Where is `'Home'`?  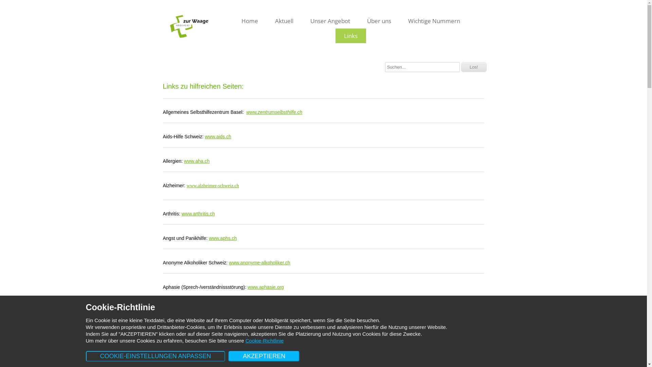 'Home' is located at coordinates (233, 20).